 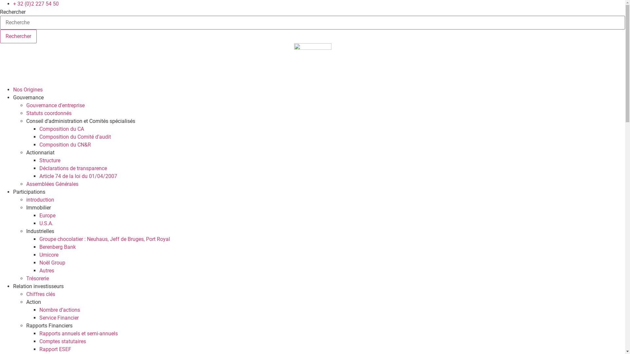 What do you see at coordinates (61, 129) in the screenshot?
I see `'Composition du CA'` at bounding box center [61, 129].